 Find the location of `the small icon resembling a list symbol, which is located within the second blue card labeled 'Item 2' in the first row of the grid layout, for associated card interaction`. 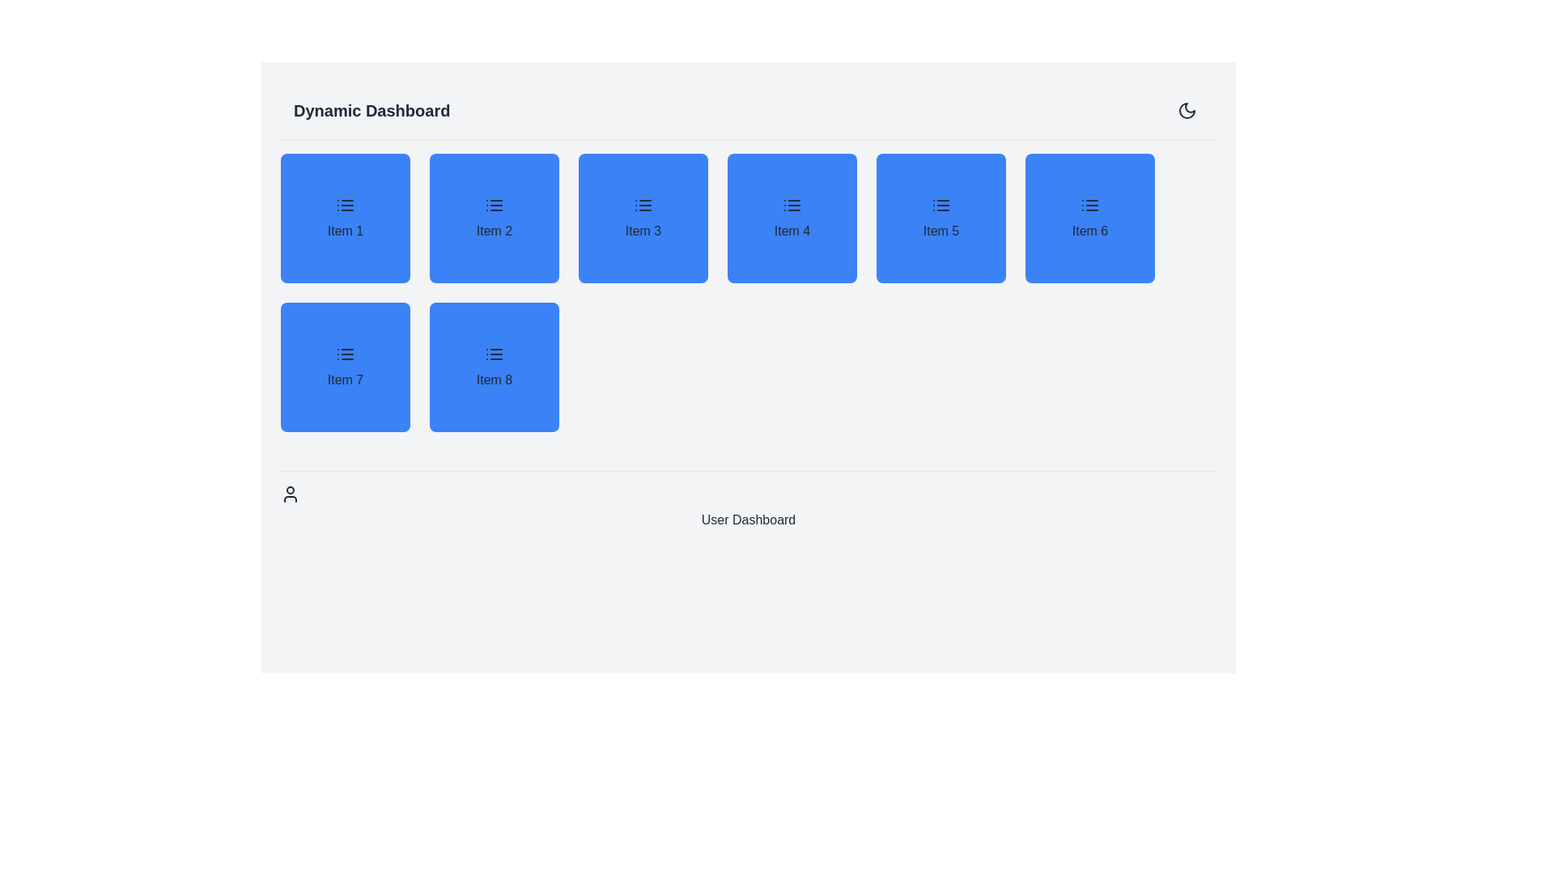

the small icon resembling a list symbol, which is located within the second blue card labeled 'Item 2' in the first row of the grid layout, for associated card interaction is located at coordinates (493, 205).